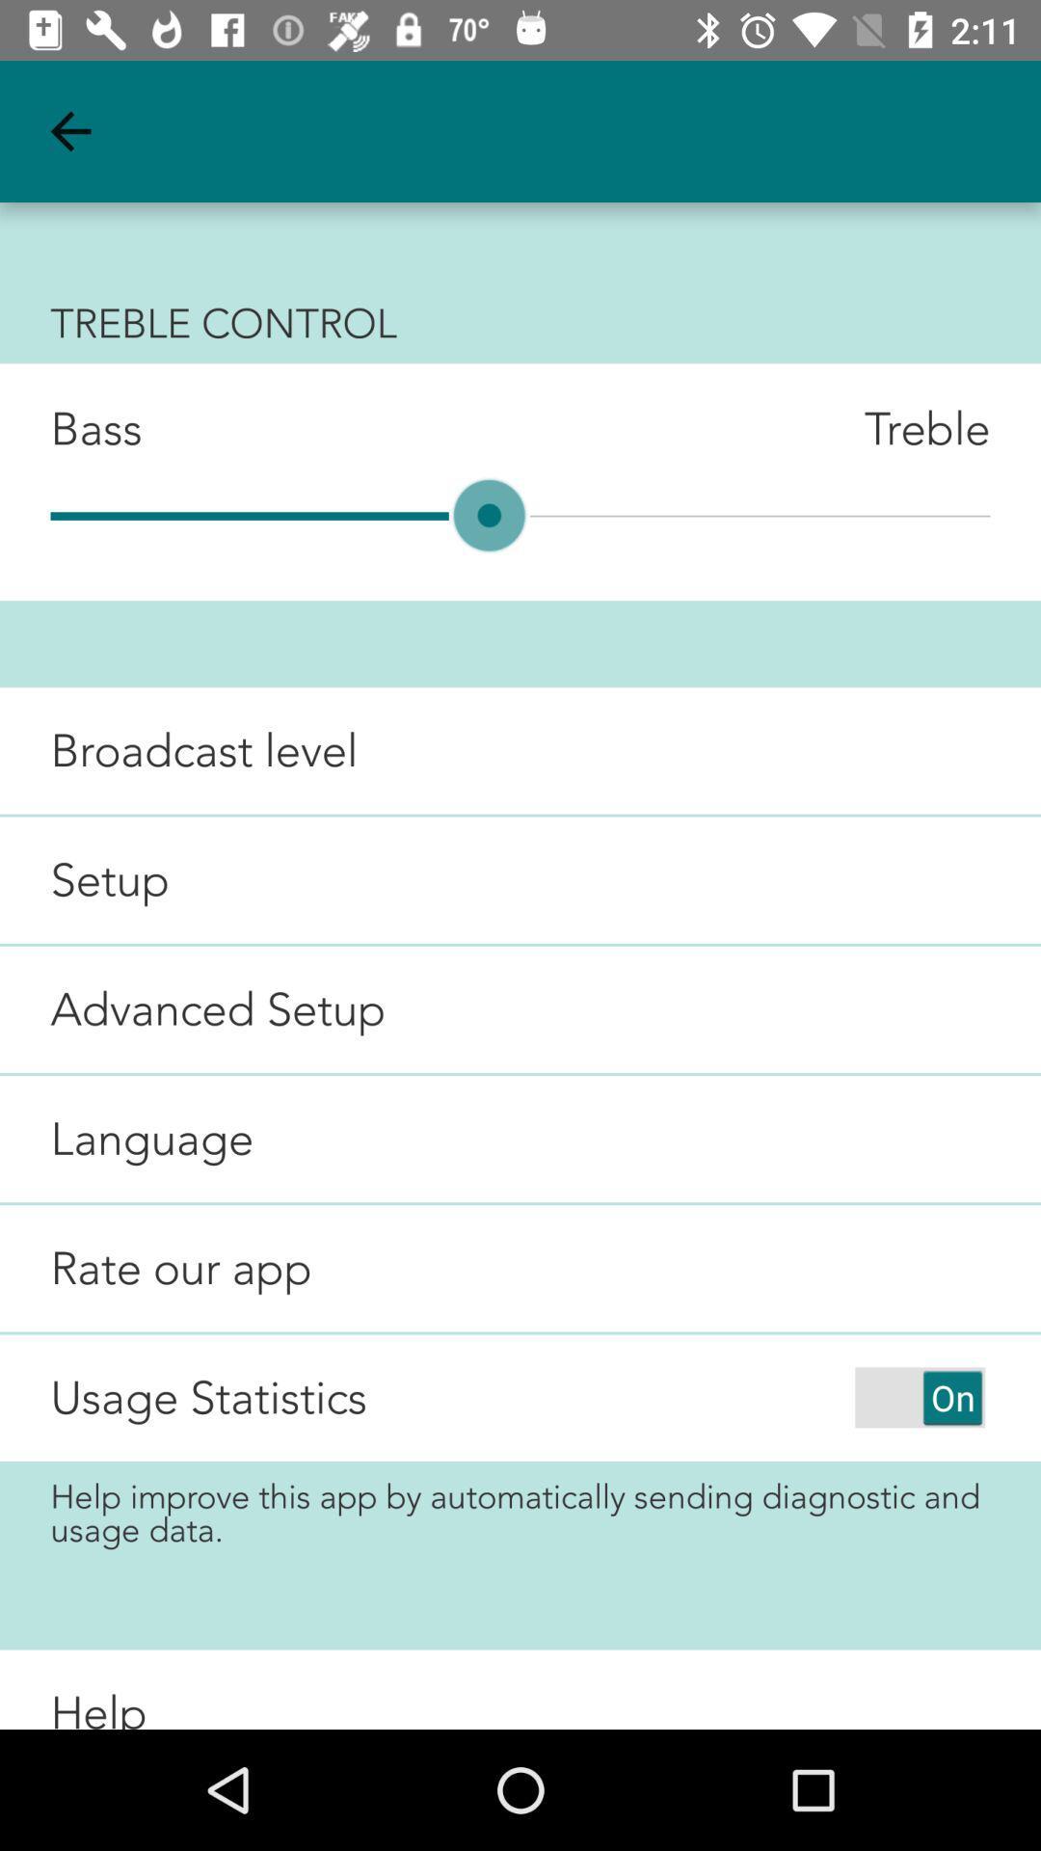 The width and height of the screenshot is (1041, 1851). Describe the element at coordinates (919, 1397) in the screenshot. I see `the icon above help improve this icon` at that location.